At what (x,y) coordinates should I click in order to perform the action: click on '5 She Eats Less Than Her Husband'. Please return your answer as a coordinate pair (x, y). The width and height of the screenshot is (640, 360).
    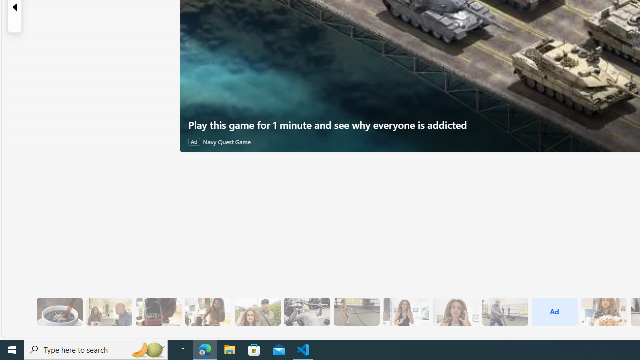
    Looking at the image, I should click on (109, 311).